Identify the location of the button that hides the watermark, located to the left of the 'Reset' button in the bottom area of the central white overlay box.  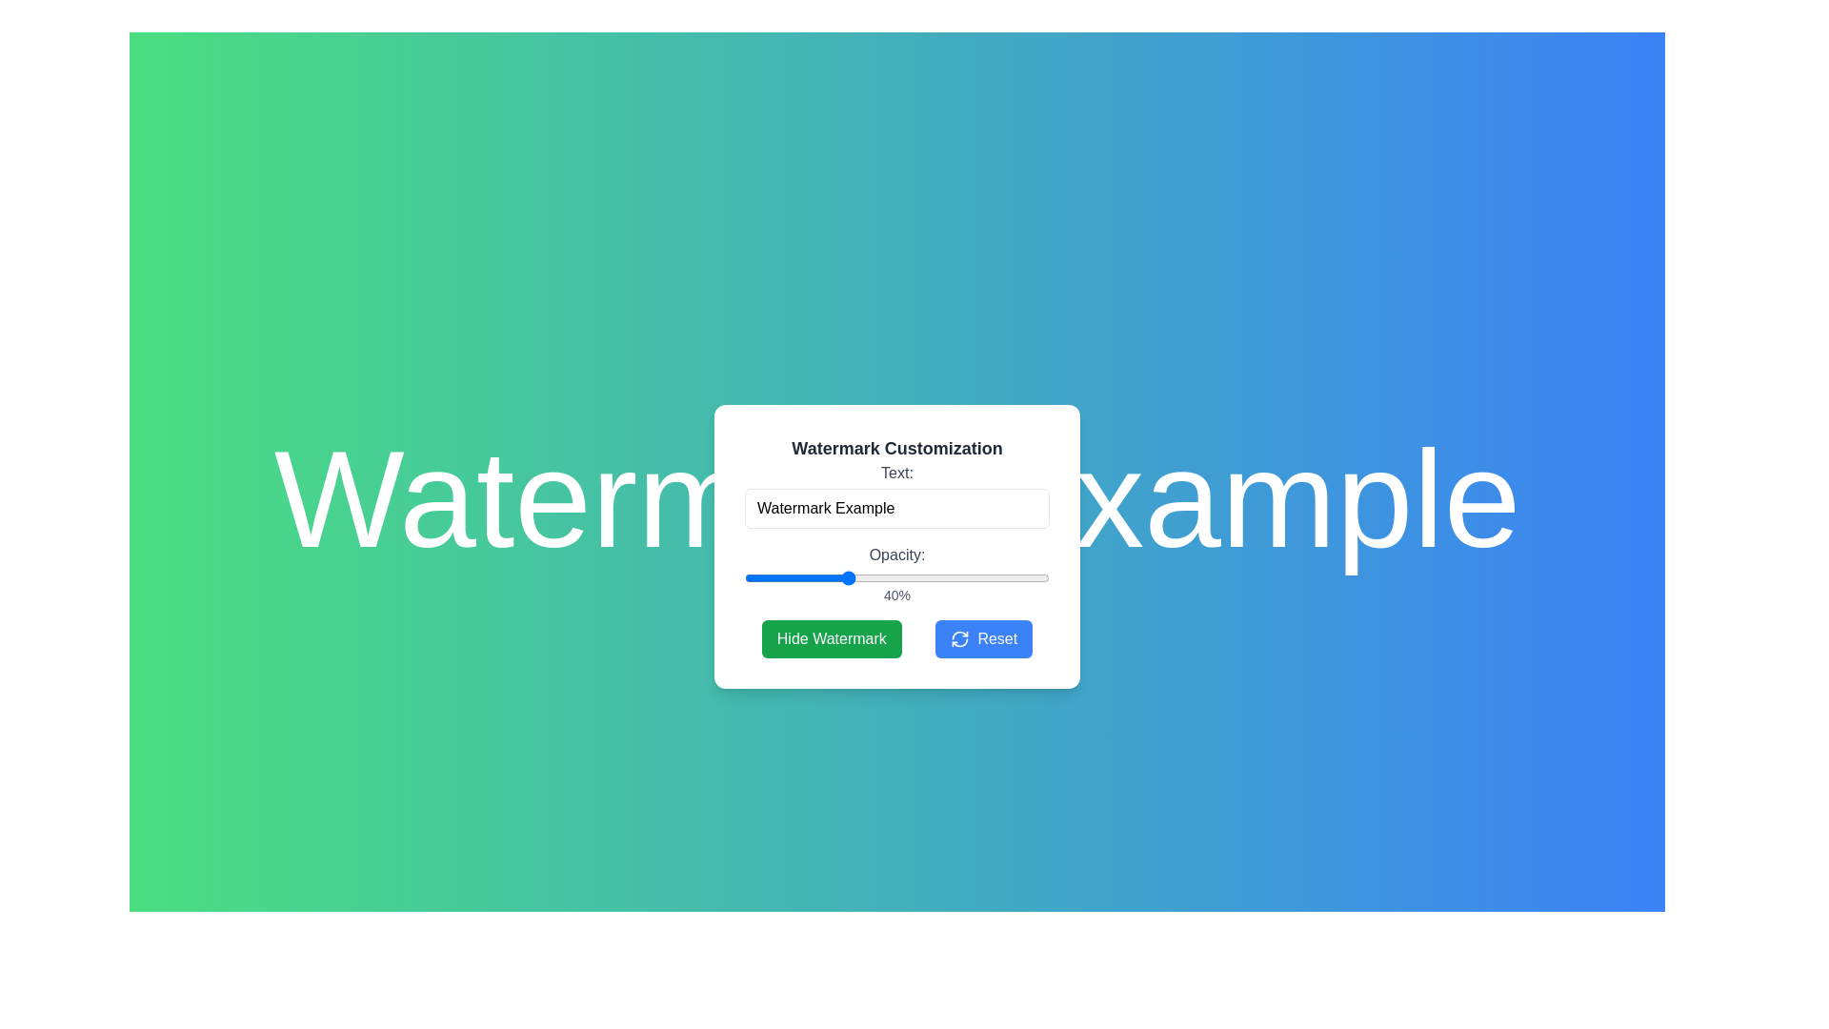
(895, 639).